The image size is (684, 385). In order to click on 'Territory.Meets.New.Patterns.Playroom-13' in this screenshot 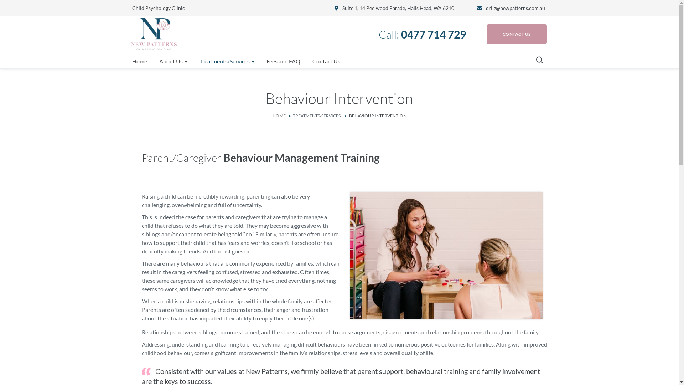, I will do `click(446, 255)`.